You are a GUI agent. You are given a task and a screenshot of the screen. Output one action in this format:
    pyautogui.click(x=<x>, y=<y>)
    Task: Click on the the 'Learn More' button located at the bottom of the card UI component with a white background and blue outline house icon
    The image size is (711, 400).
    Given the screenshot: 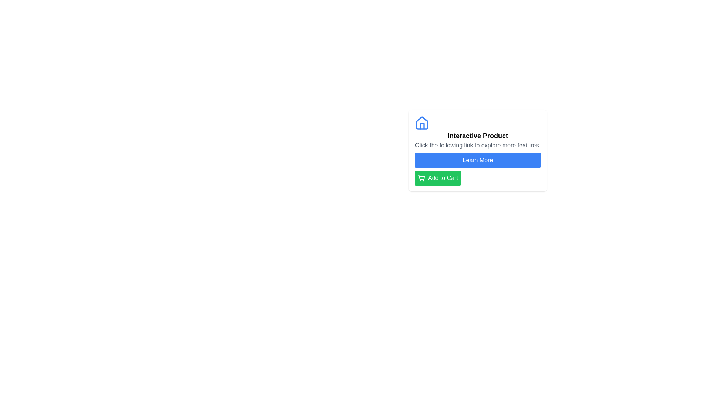 What is the action you would take?
    pyautogui.click(x=478, y=150)
    